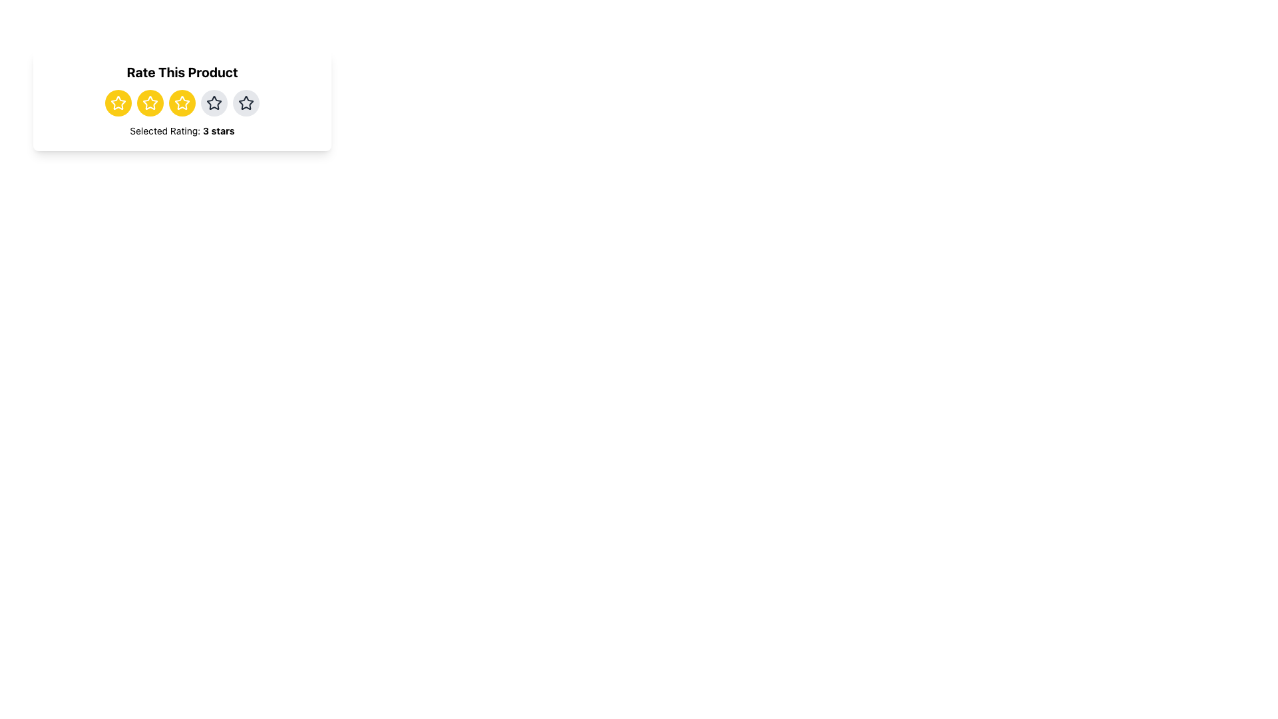 The width and height of the screenshot is (1278, 719). I want to click on the third star in the 5-star rating system, so click(118, 102).